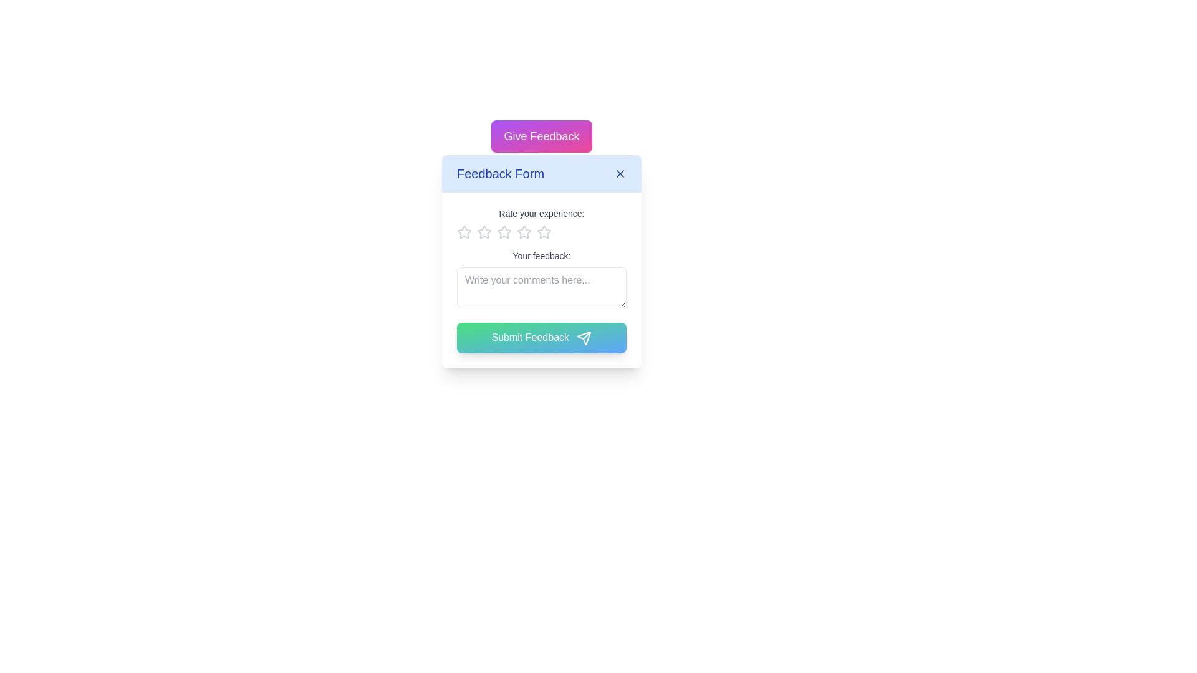  Describe the element at coordinates (463, 232) in the screenshot. I see `the first star button in the feedback rating section` at that location.